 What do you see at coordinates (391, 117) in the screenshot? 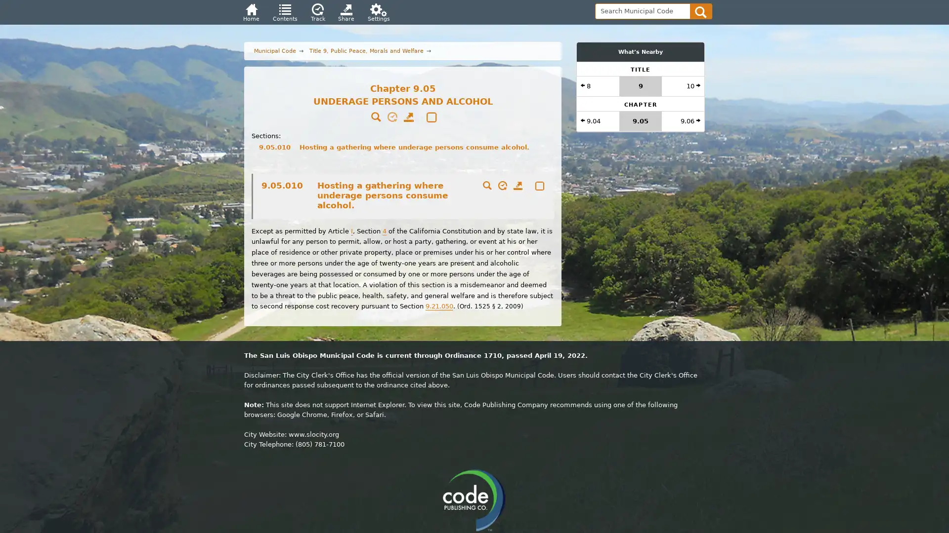
I see `History of This Chapter` at bounding box center [391, 117].